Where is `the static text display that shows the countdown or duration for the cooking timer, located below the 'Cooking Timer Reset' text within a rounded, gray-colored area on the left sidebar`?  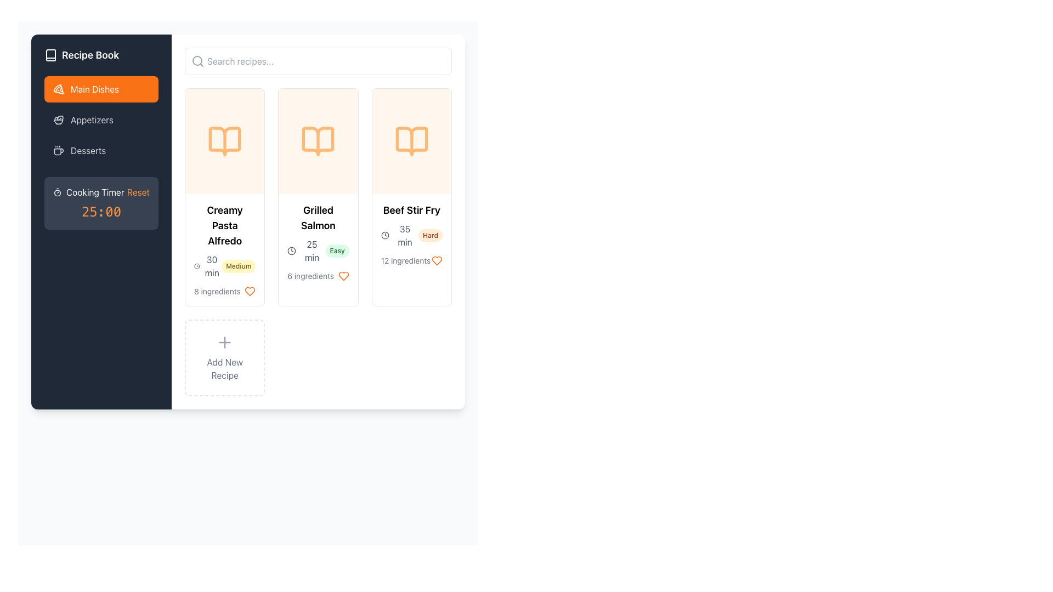 the static text display that shows the countdown or duration for the cooking timer, located below the 'Cooking Timer Reset' text within a rounded, gray-colored area on the left sidebar is located at coordinates (101, 212).